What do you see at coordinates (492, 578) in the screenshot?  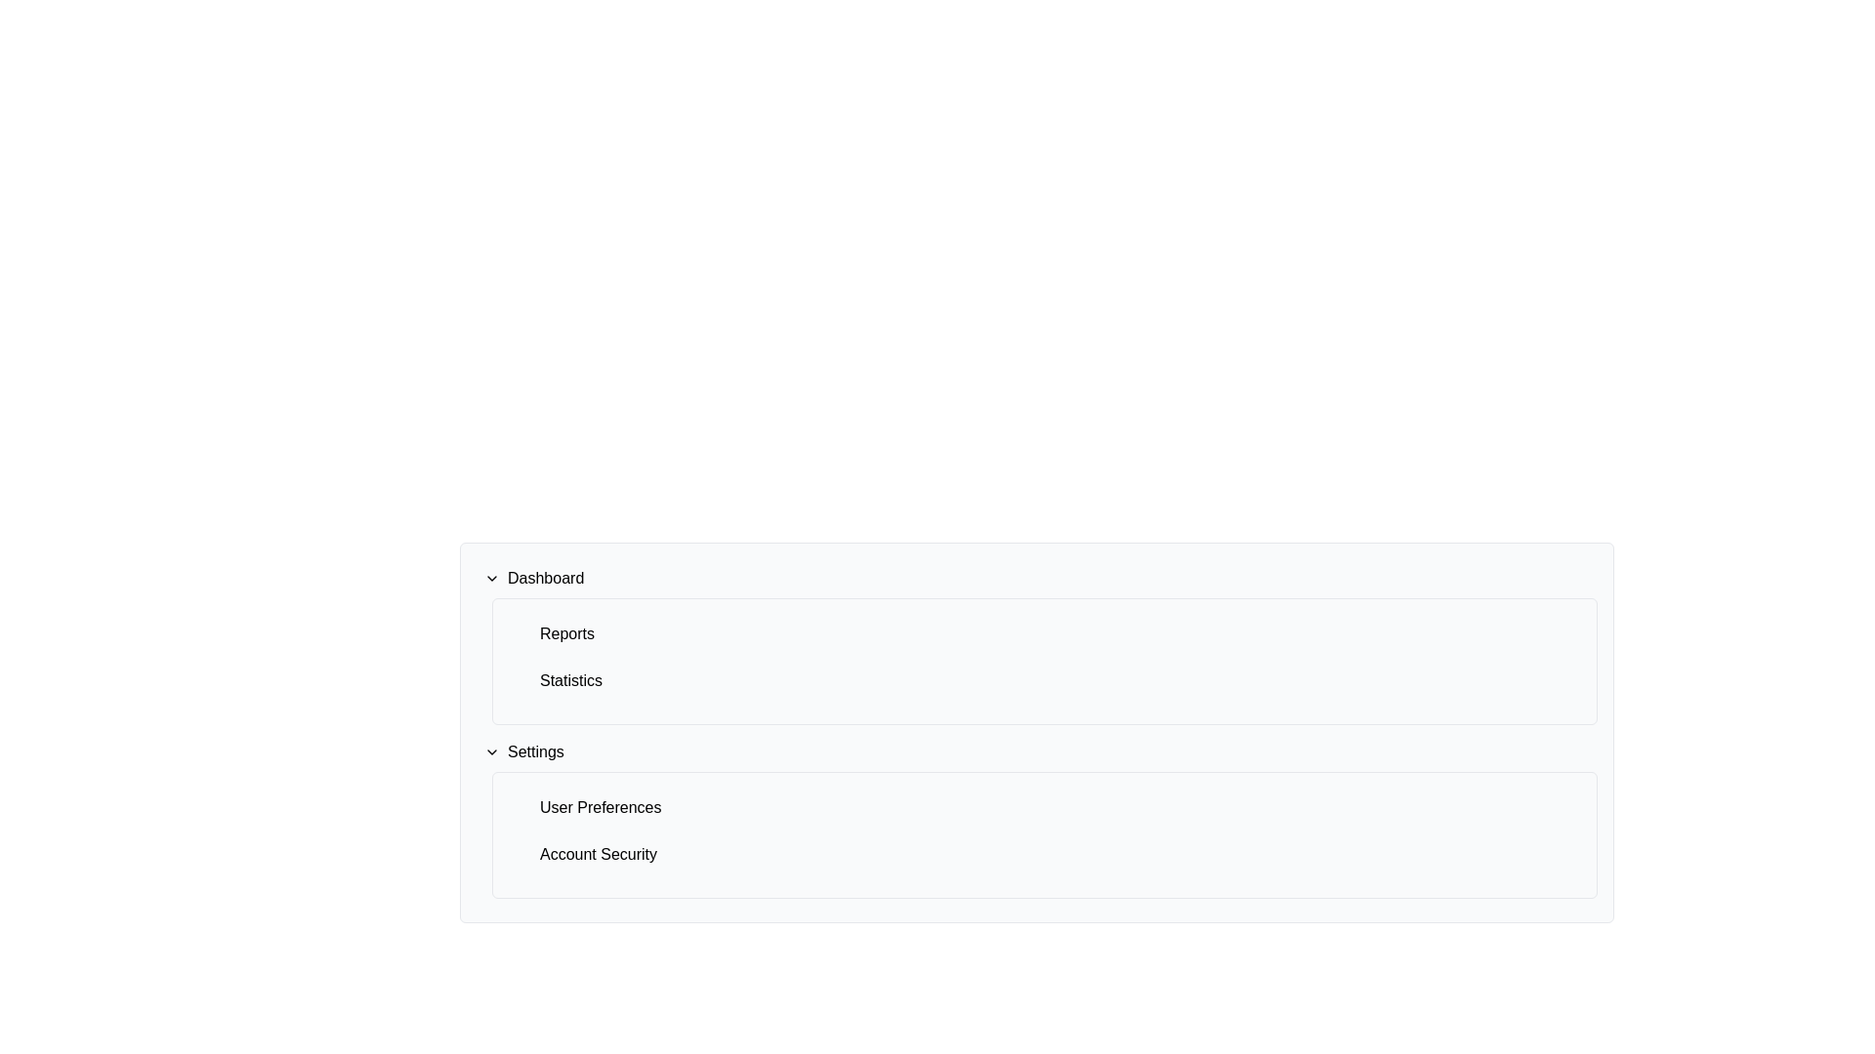 I see `the chevron icon that toggles the 'Dashboard' submenu` at bounding box center [492, 578].